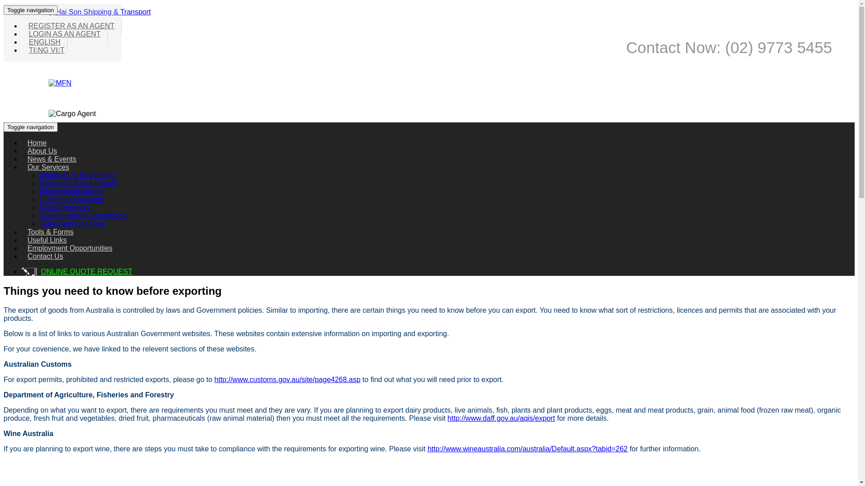 Image resolution: width=865 pixels, height=486 pixels. I want to click on 'ONLINE QUOTE REQUEST', so click(86, 271).